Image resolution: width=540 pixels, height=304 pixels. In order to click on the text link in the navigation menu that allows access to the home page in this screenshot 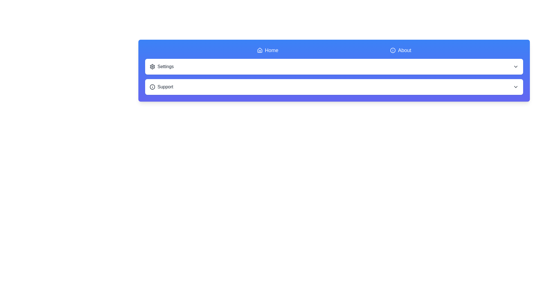, I will do `click(271, 50)`.